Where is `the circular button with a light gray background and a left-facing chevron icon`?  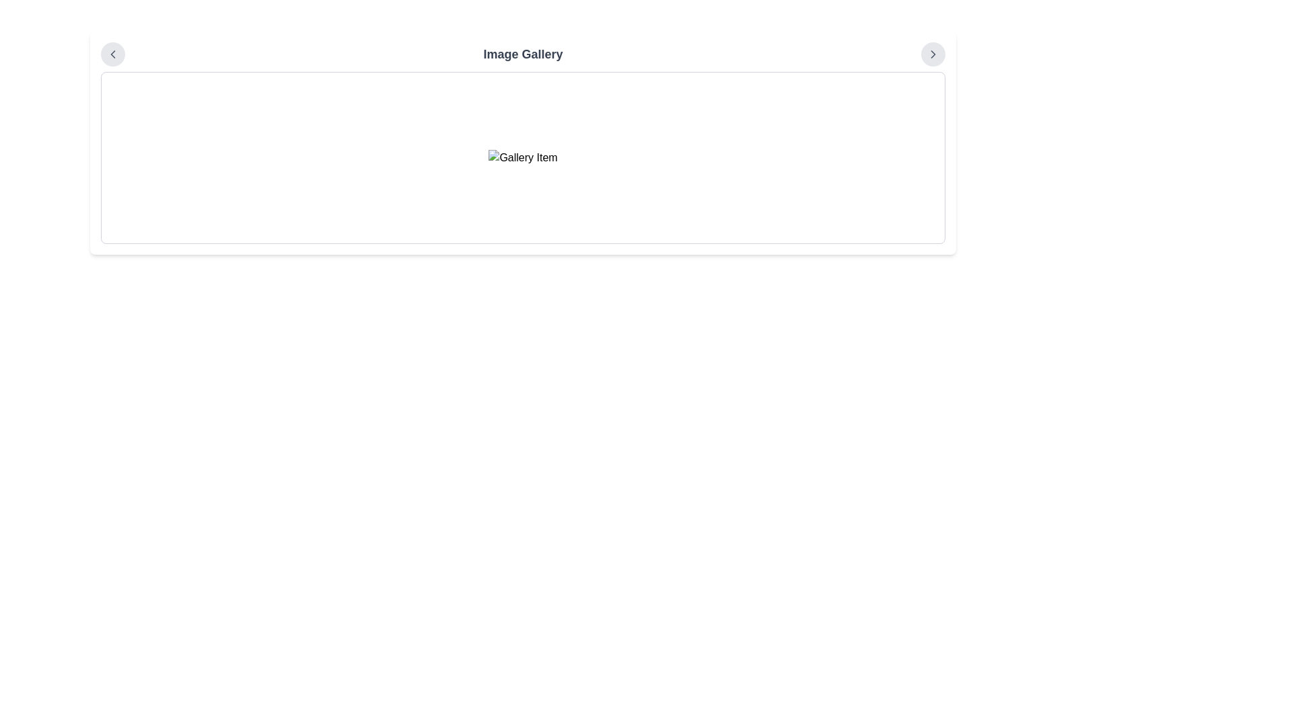 the circular button with a light gray background and a left-facing chevron icon is located at coordinates (113, 54).